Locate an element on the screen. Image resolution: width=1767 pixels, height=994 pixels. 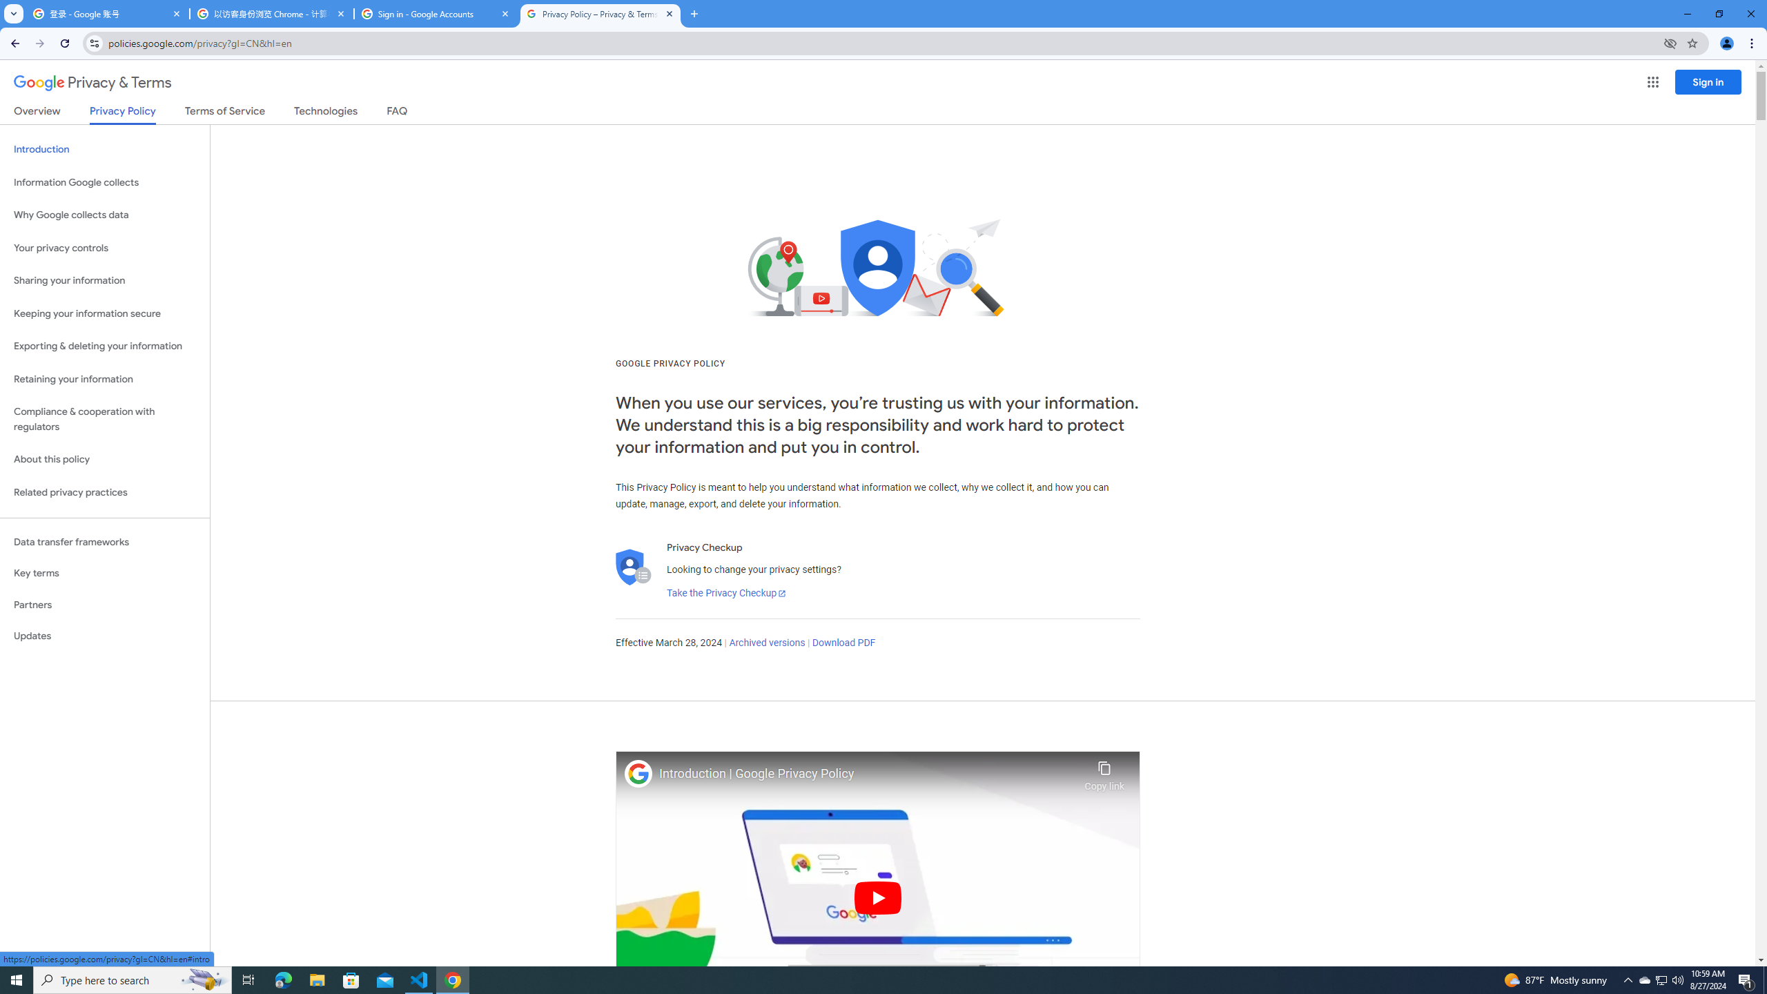
'About this policy' is located at coordinates (104, 460).